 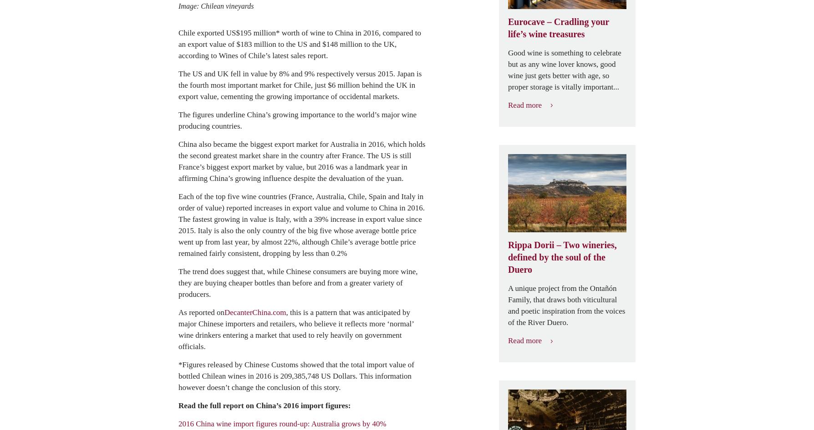 I want to click on 'China also became the biggest export market for Australia in 2016, which holds the second greatest market share in the country after France. The US is still France’s biggest export market by value, but 2016 was a landmark year in affirming China’s growing influence despite the devaluation of the yuan.', so click(x=301, y=161).